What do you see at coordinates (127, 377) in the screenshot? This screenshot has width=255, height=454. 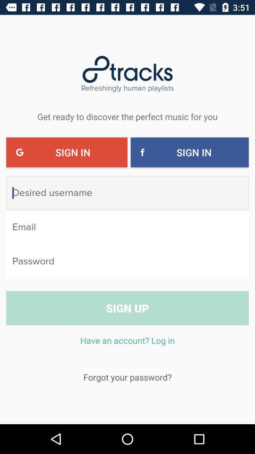 I see `icon below the have an account icon` at bounding box center [127, 377].